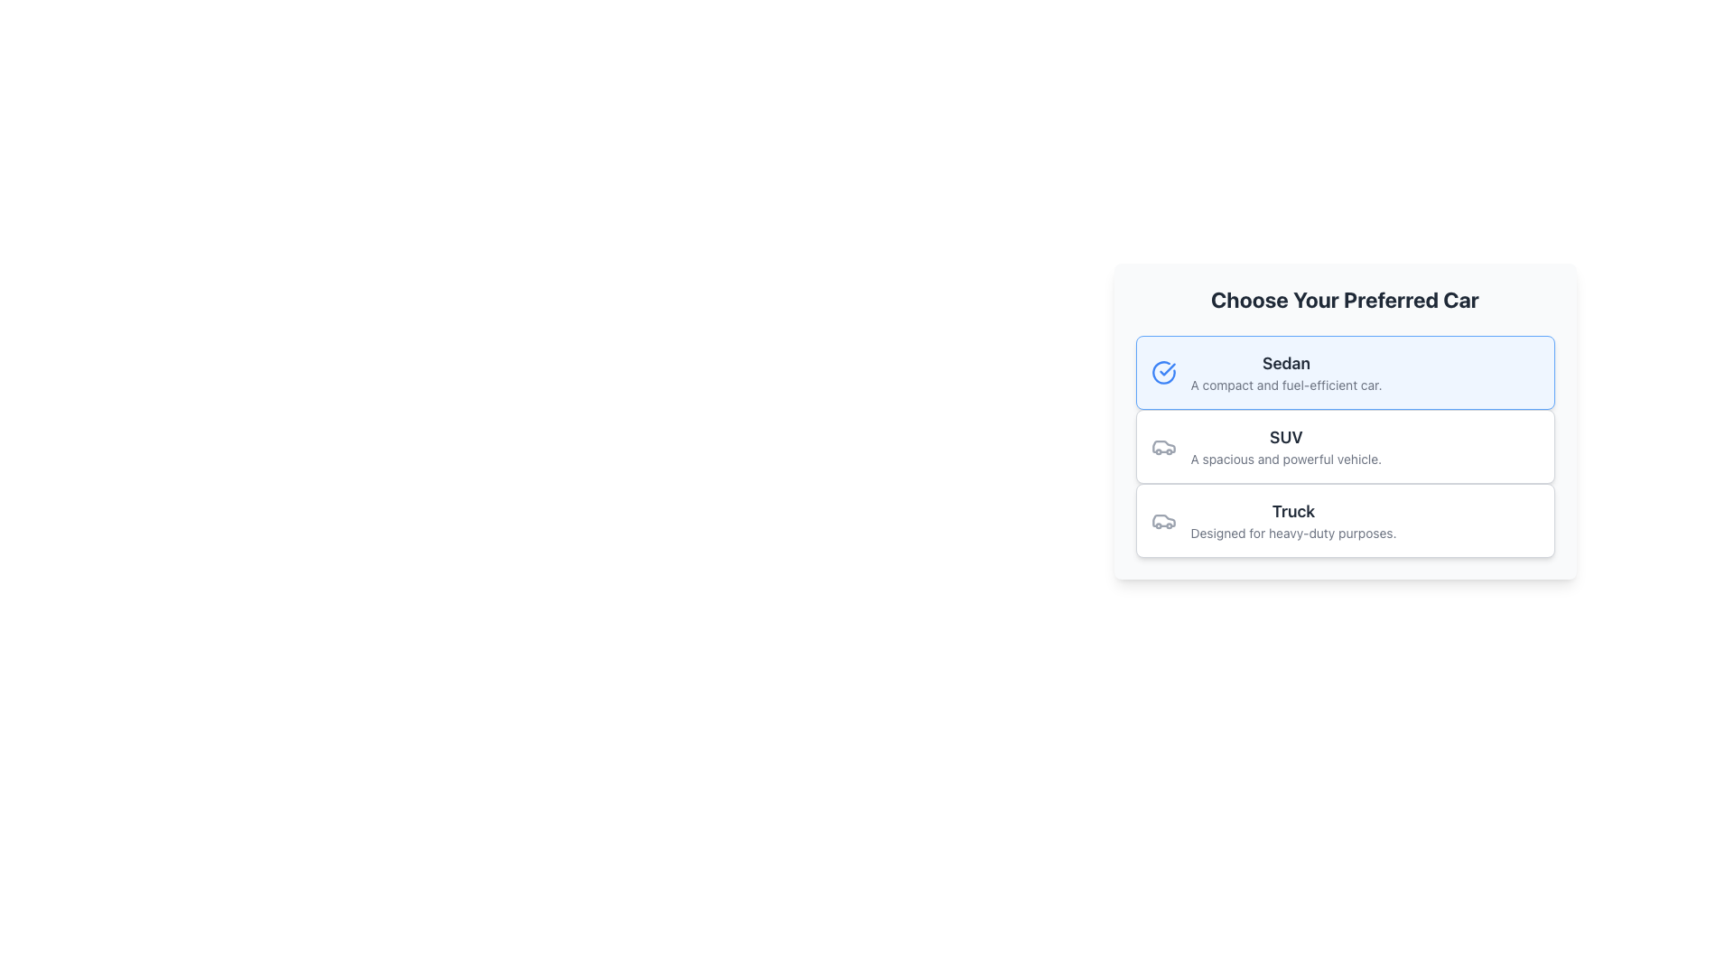 The height and width of the screenshot is (975, 1734). I want to click on the text element that reads 'Designed for heavy-duty purposes.' positioned below the title 'Truck', so click(1292, 532).